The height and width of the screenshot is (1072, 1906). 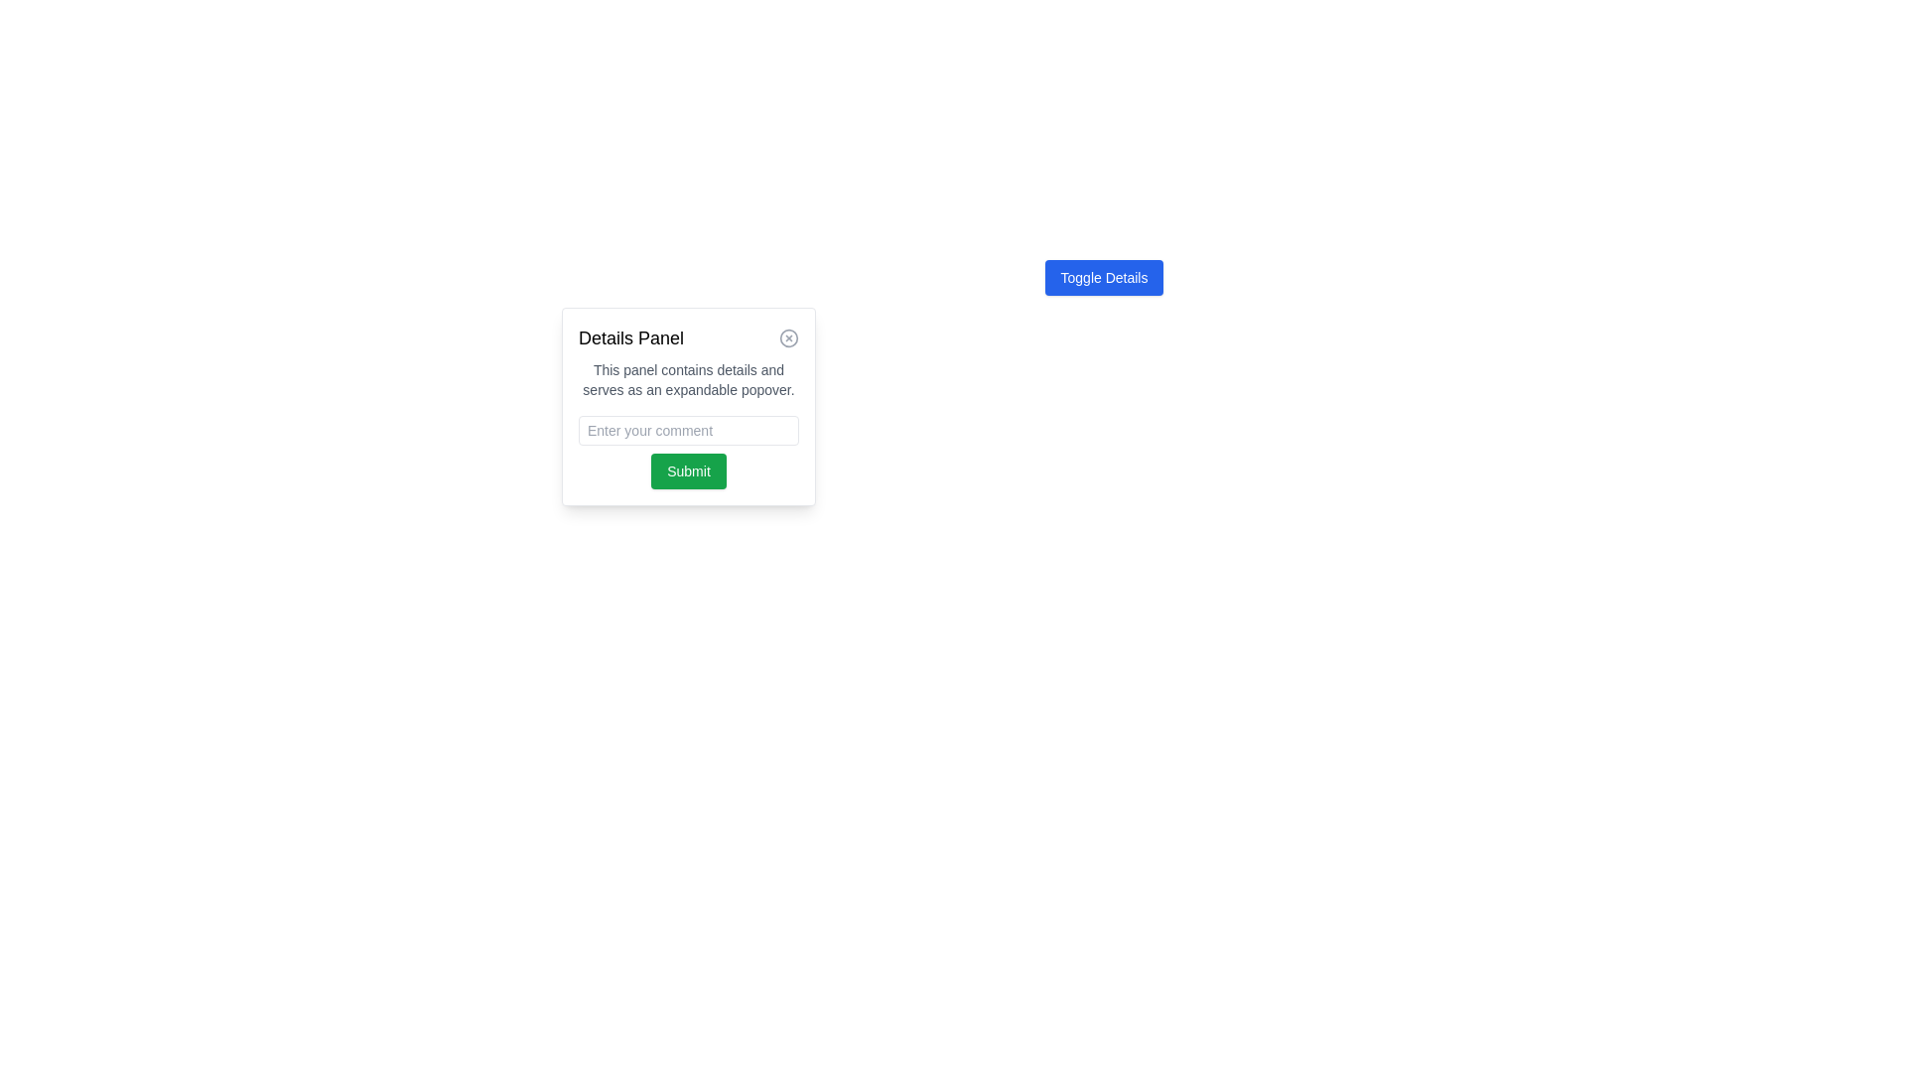 What do you see at coordinates (788, 336) in the screenshot?
I see `the decorative outer circle of the close icon in the 'Details Panel' located at the top-right corner of the panel` at bounding box center [788, 336].